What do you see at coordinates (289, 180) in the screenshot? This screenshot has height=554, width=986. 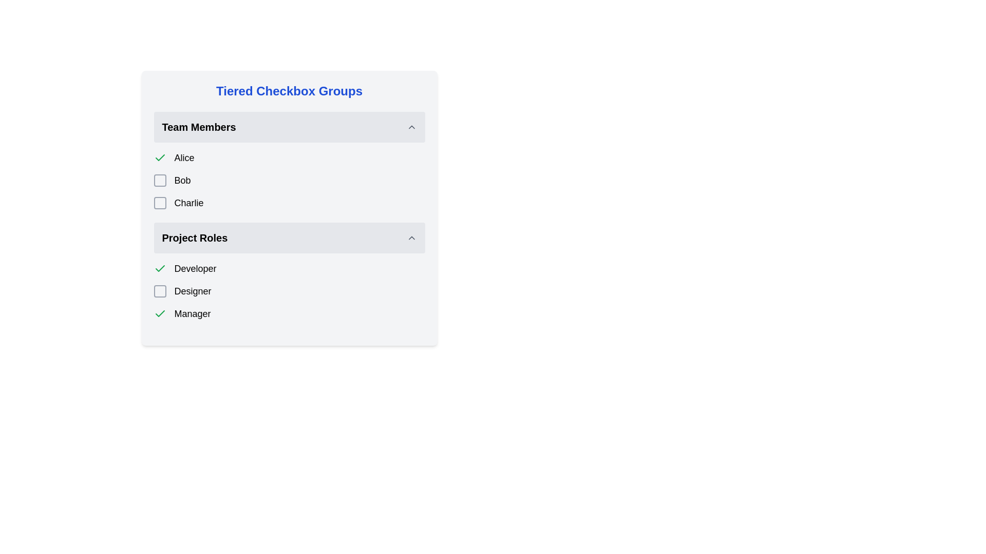 I see `the 'Bob' checkbox` at bounding box center [289, 180].